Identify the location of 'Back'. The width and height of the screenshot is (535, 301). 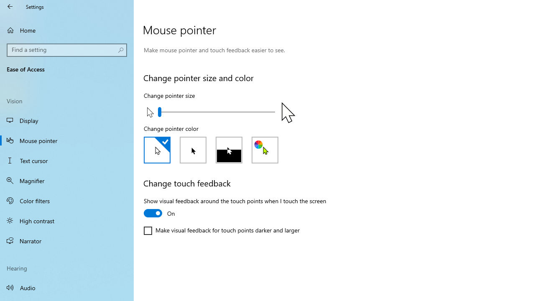
(10, 6).